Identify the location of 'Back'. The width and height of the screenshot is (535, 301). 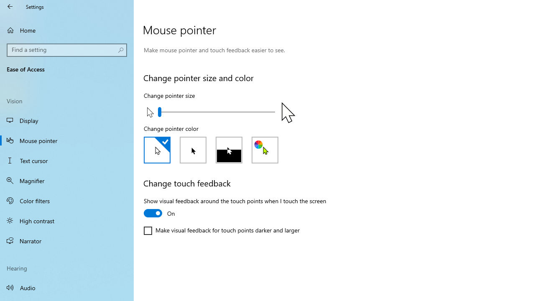
(10, 6).